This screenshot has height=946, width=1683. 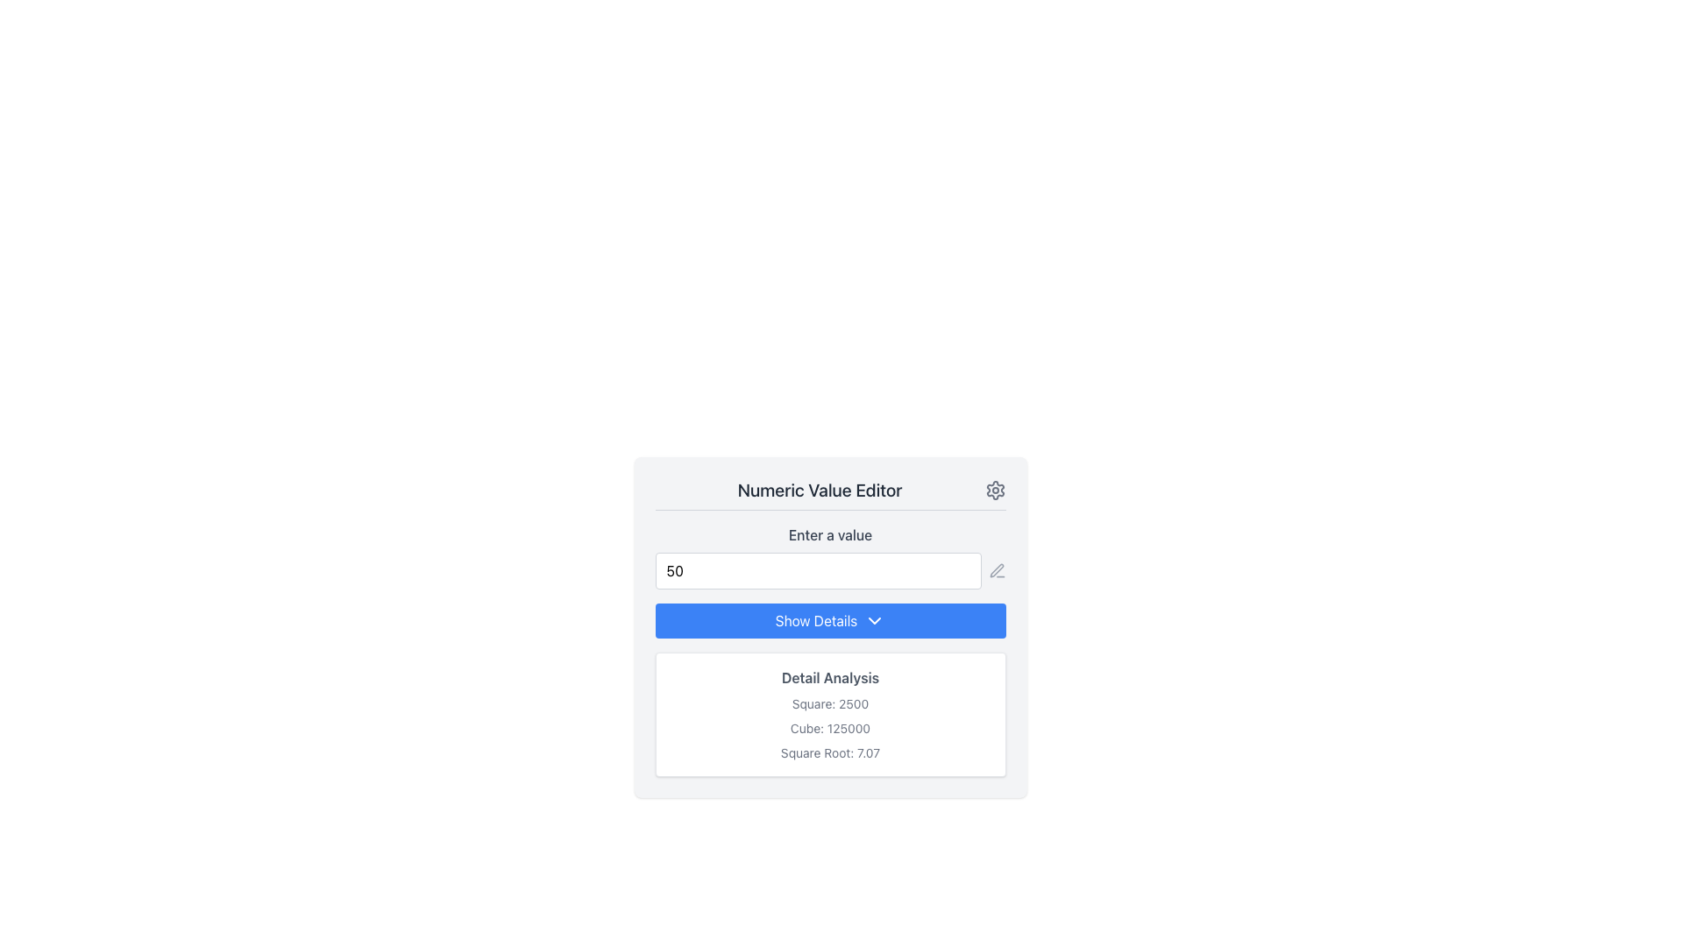 I want to click on the Text Label that serves as a descriptive title for the editing numeric values section, located at the top of the section with an input field below it, so click(x=819, y=490).